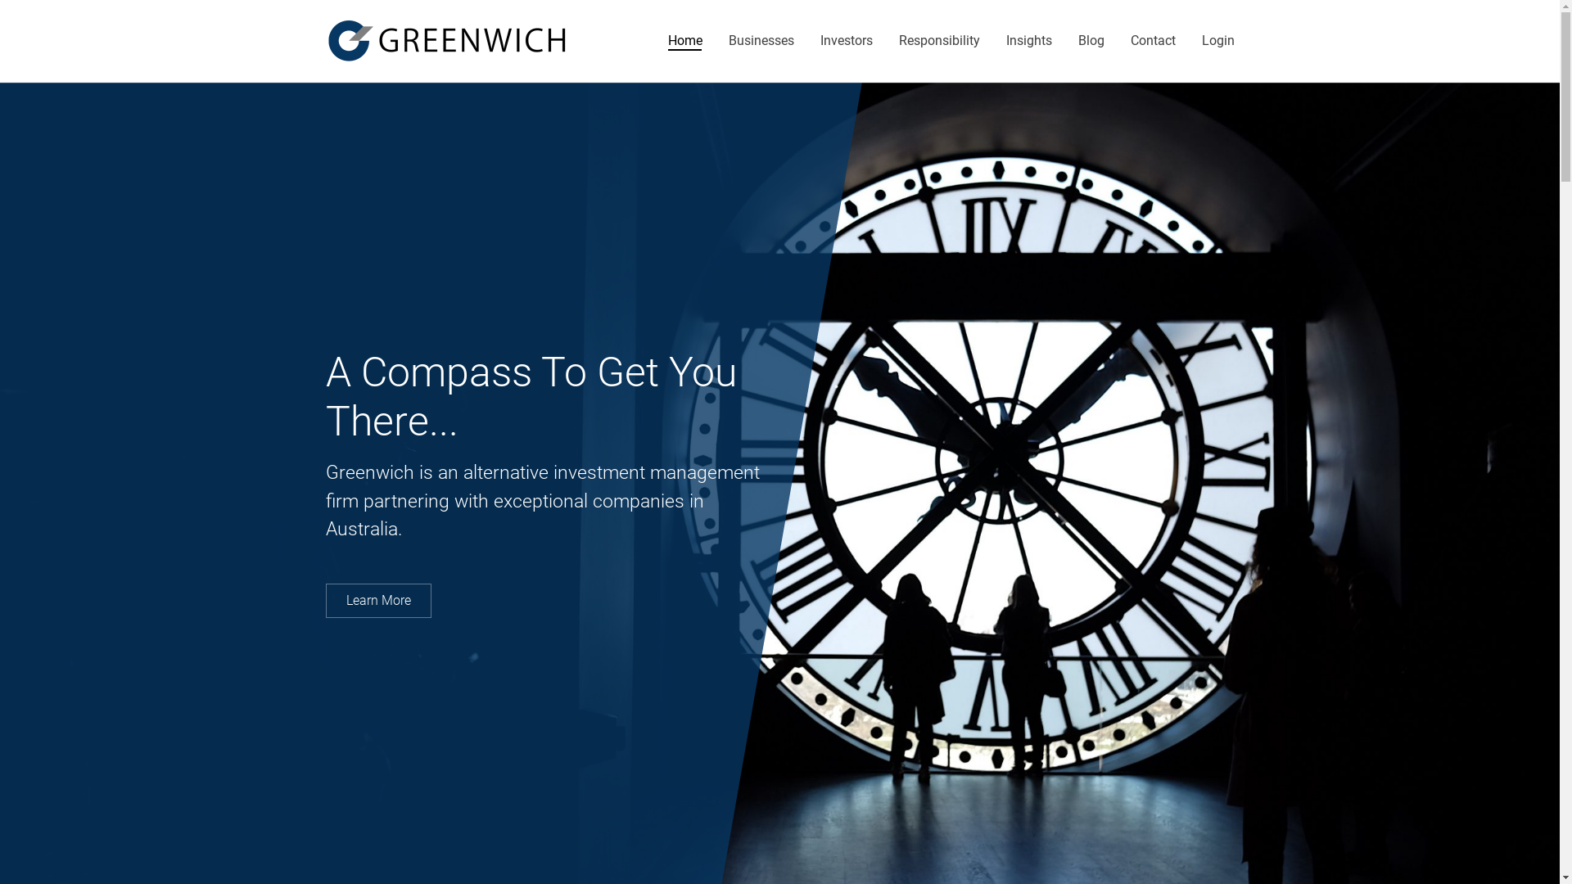  I want to click on 'Learn More', so click(377, 600).